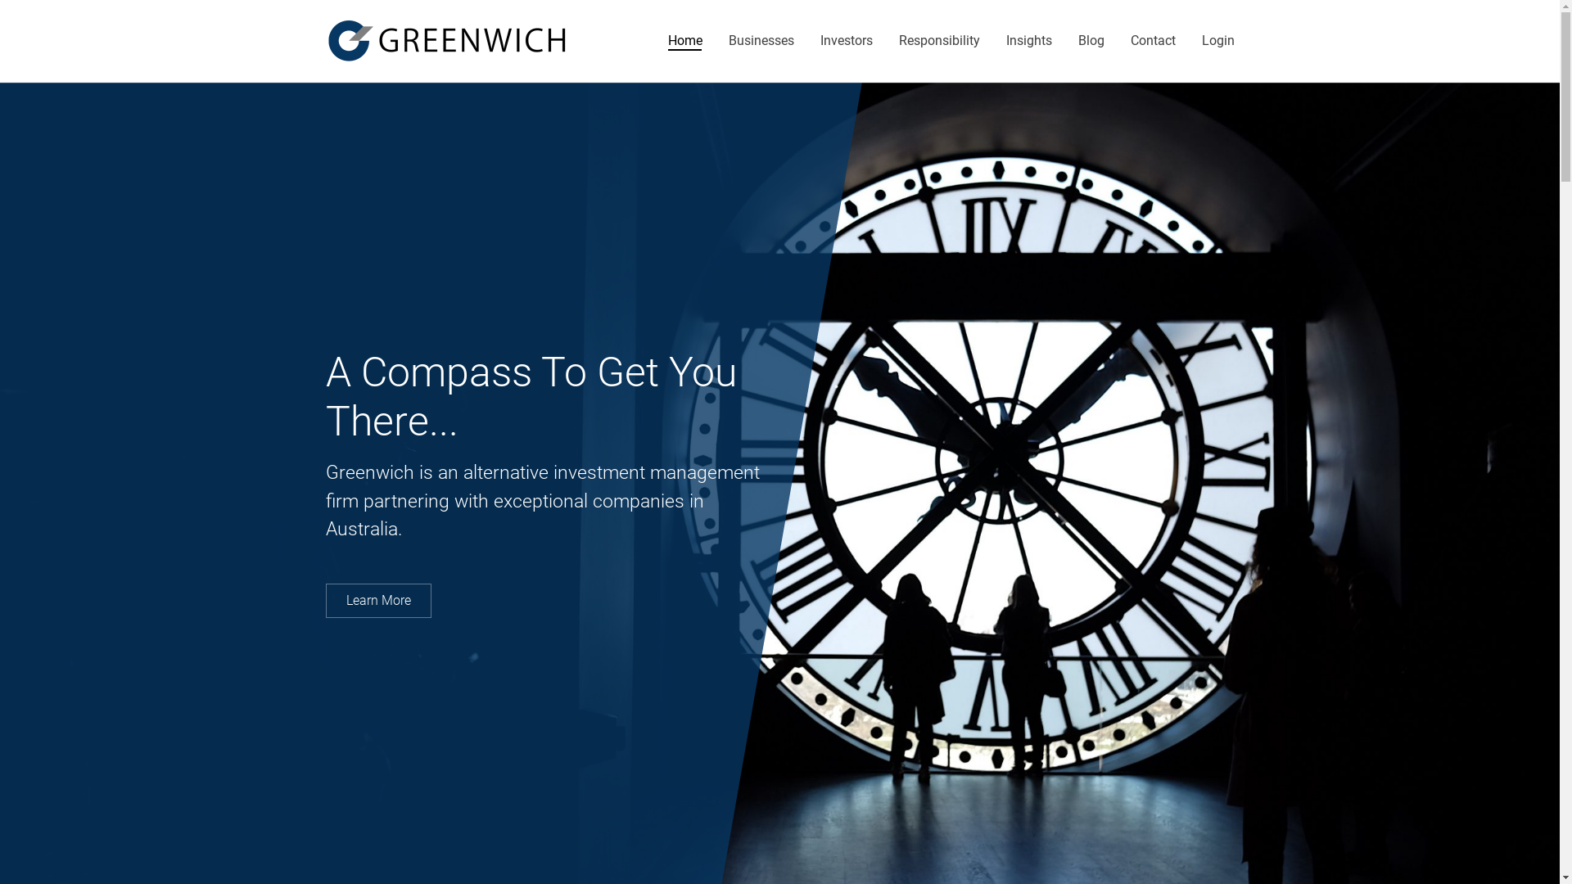  I want to click on 'Learn More', so click(377, 600).